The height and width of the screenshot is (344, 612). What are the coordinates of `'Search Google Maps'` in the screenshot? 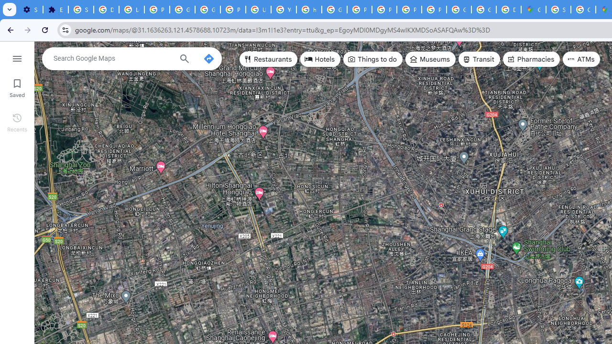 It's located at (112, 58).